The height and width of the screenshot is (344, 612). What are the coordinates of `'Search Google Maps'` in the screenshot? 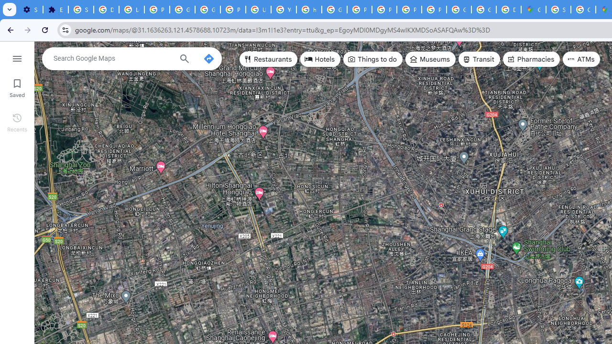 It's located at (112, 58).